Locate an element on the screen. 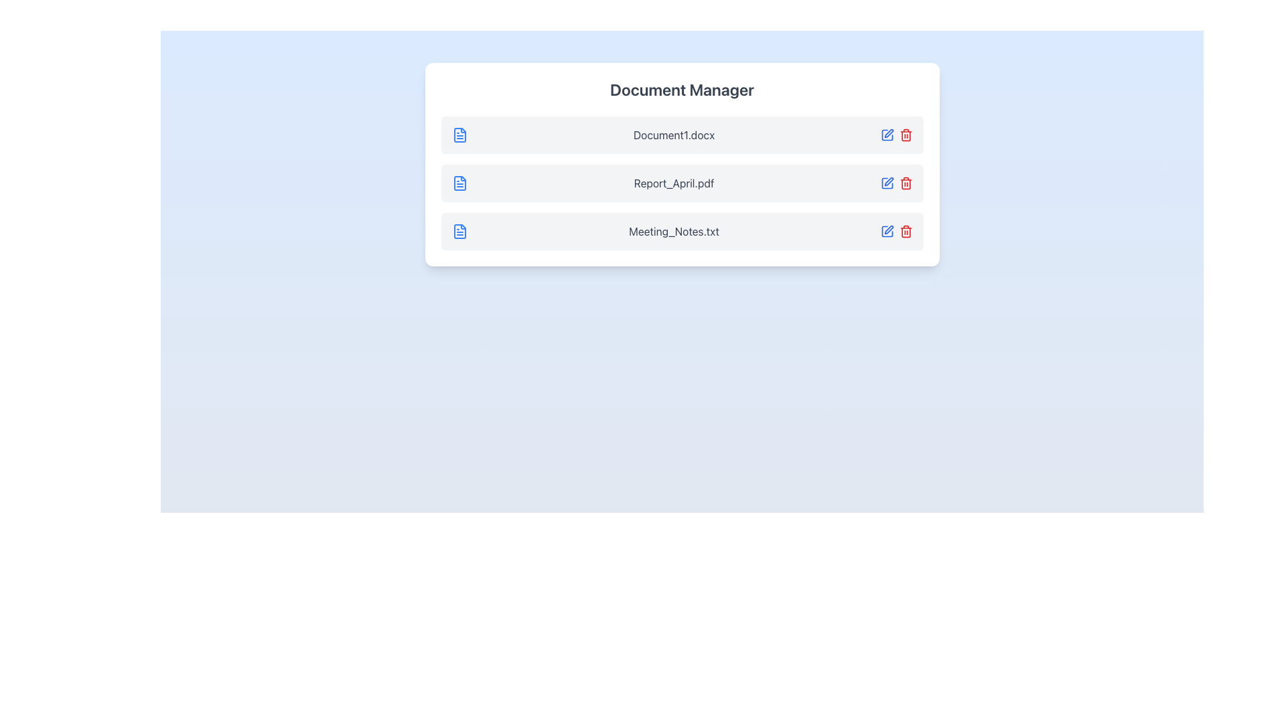  the delete icon button located in the middle row of the list, positioned to the right side of the row, after the blue edit pen icon is located at coordinates (906, 183).